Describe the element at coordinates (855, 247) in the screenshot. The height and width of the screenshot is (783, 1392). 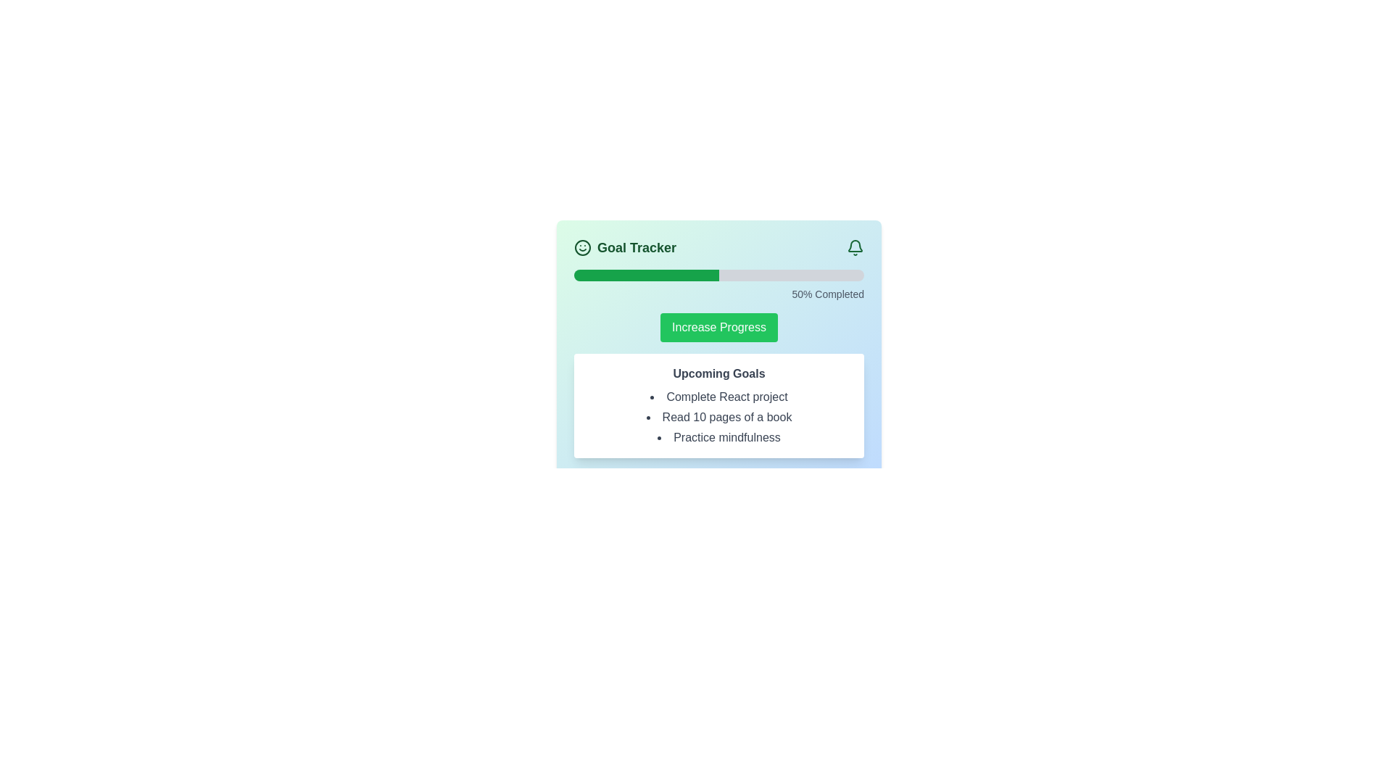
I see `the green bell-shaped notification icon located in the top-right section of the 'Goal Tracker' header area` at that location.